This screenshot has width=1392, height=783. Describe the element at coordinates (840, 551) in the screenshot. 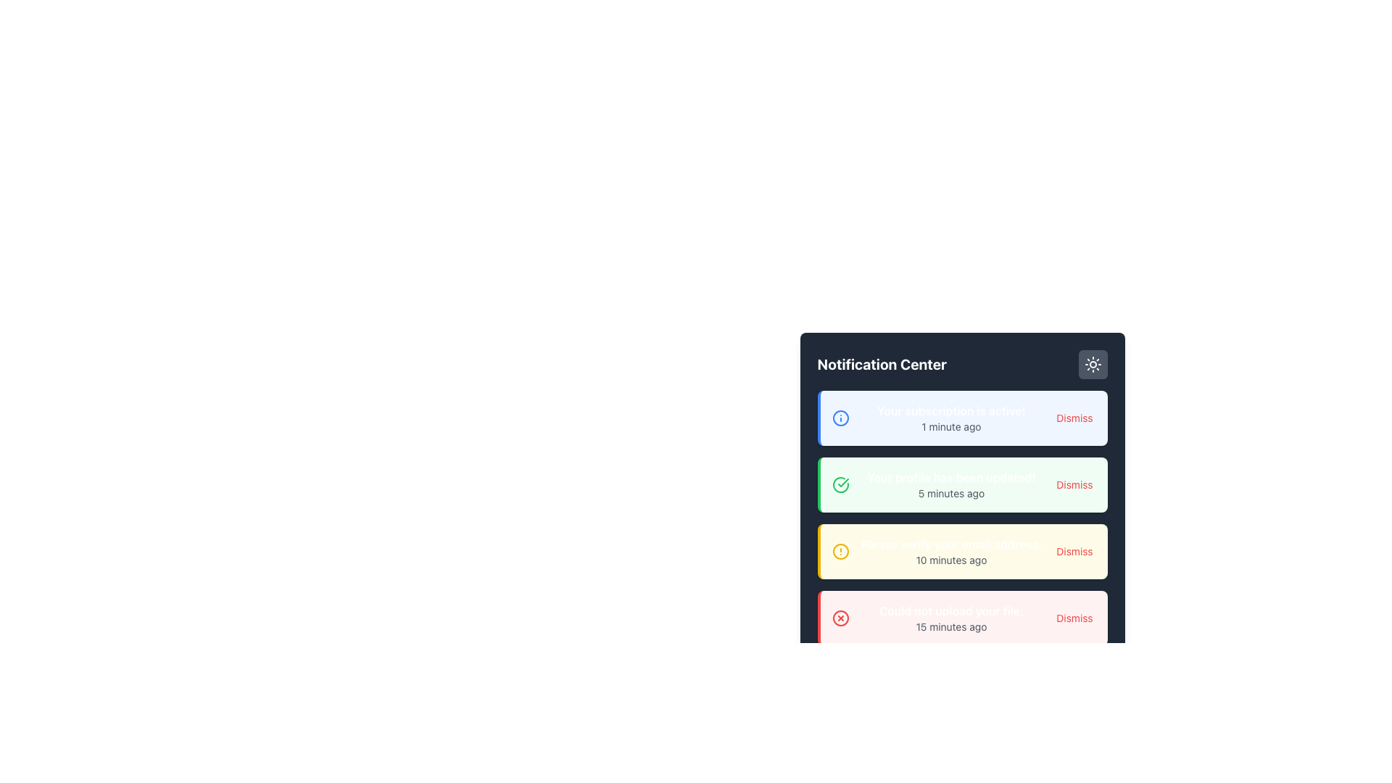

I see `Alert/Circular icon located in the top-left corner of the notification card with yellow highlights, which is the third item in the Notification Center panel, for styling or HTML attributes` at that location.